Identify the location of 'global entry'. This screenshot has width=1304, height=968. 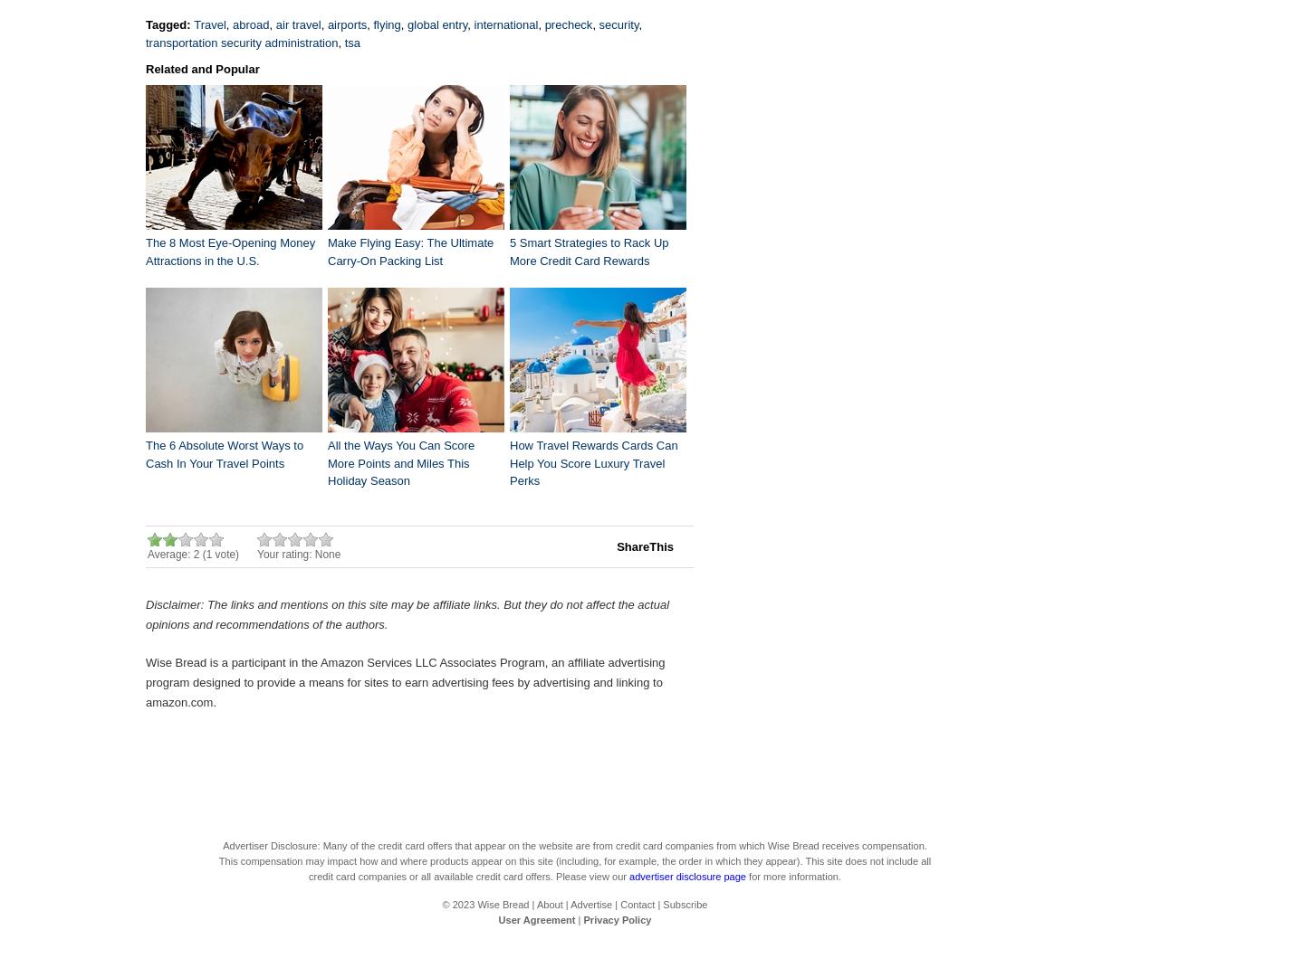
(407, 24).